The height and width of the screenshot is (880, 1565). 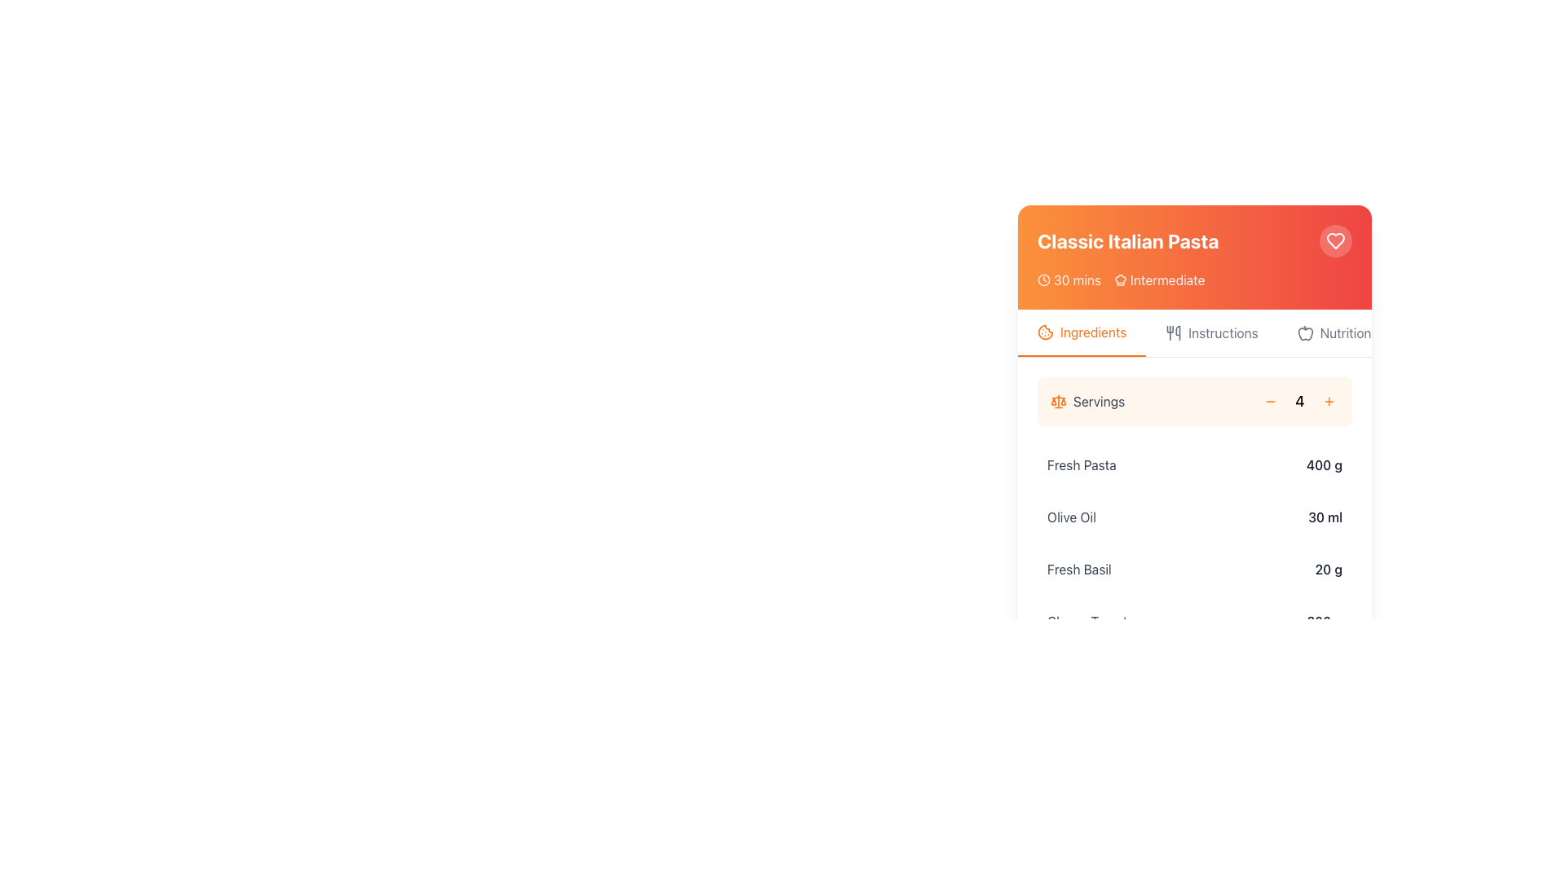 What do you see at coordinates (1077, 279) in the screenshot?
I see `the text label displaying '30 mins' in orange-orange gradient styling, which is positioned adjacent to a clock-like icon and followed by the label 'Intermediate', as it is interactive and may be linked to filters or time settings` at bounding box center [1077, 279].